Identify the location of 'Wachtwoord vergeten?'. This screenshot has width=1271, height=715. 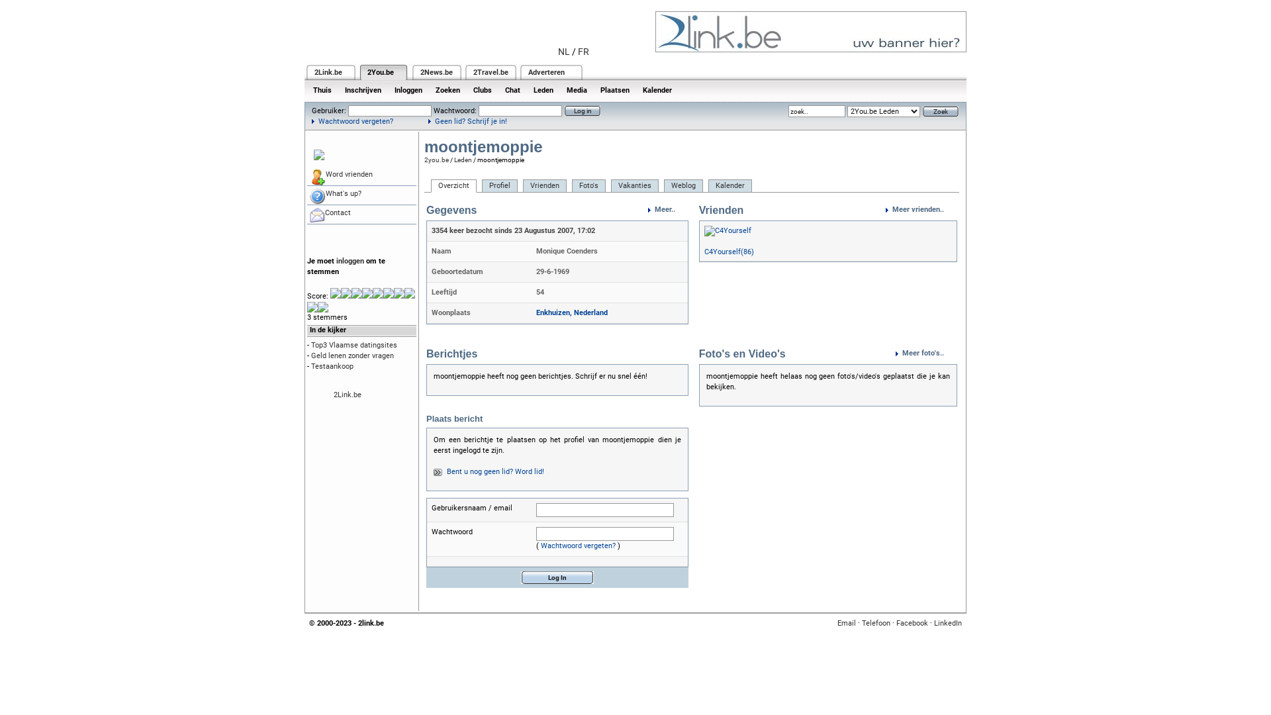
(352, 121).